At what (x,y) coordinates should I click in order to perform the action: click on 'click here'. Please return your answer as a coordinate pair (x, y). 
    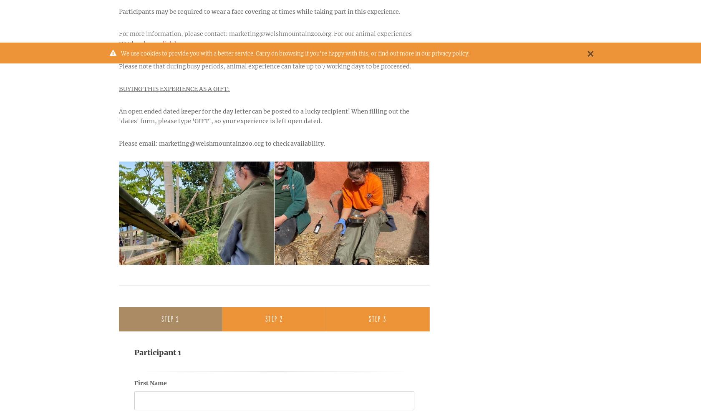
    Looking at the image, I should click on (173, 43).